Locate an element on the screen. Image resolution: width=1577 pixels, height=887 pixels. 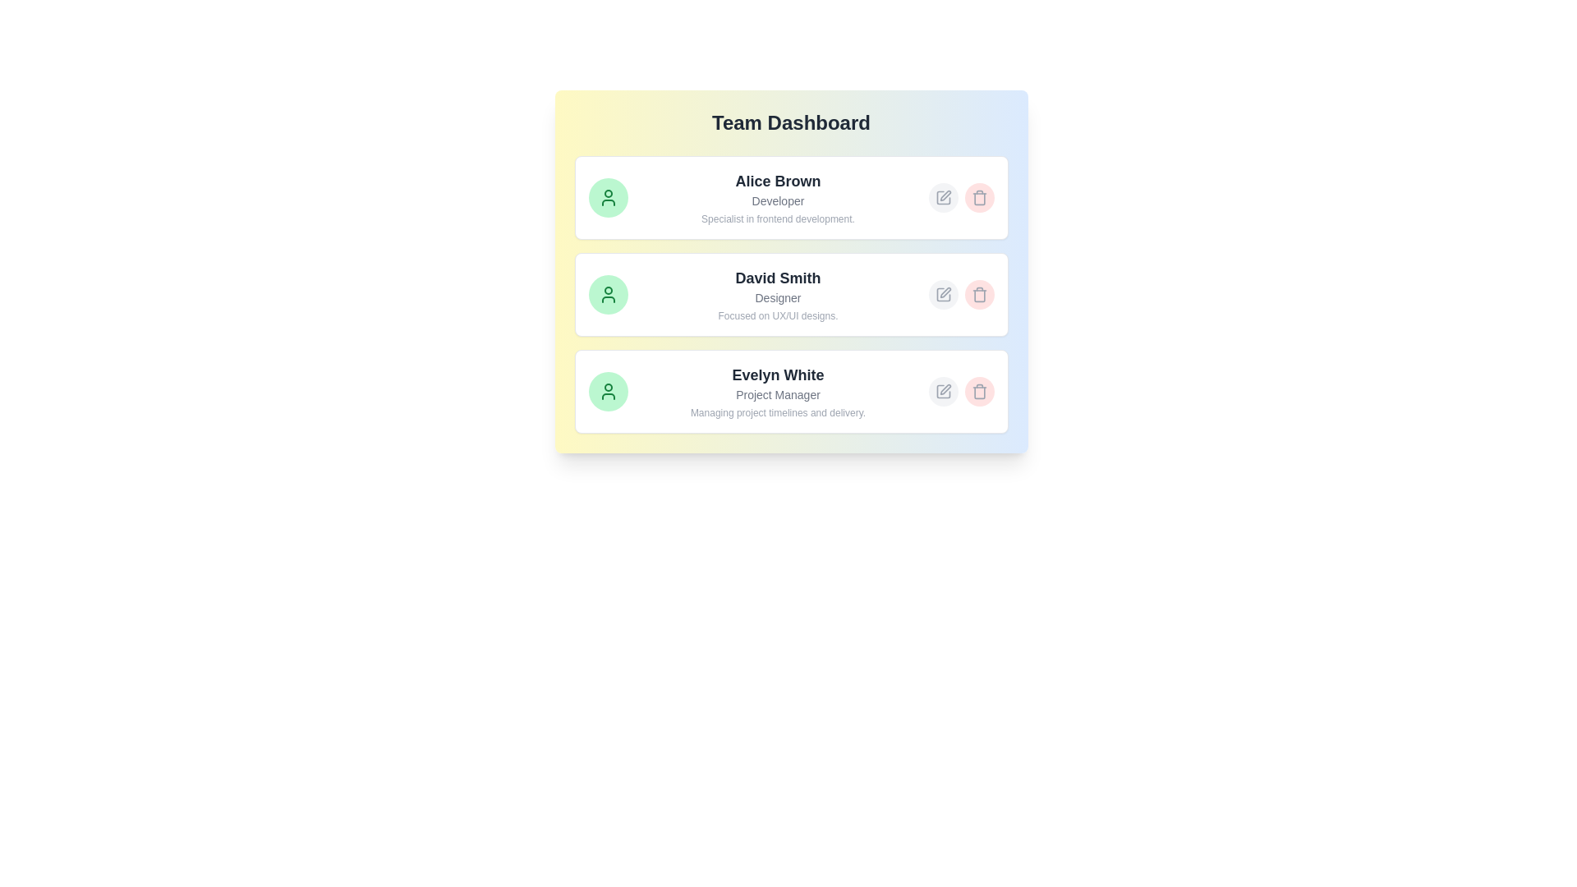
the static text displaying 'Designer', which is styled in a small-sized gray font and positioned below the 'David Smith' text within the middle information block is located at coordinates (777, 297).